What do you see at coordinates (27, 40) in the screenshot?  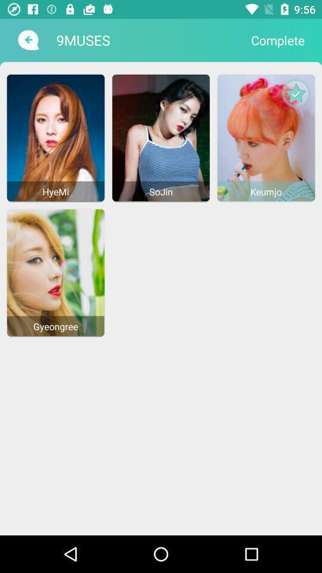 I see `the arrow_backward icon` at bounding box center [27, 40].